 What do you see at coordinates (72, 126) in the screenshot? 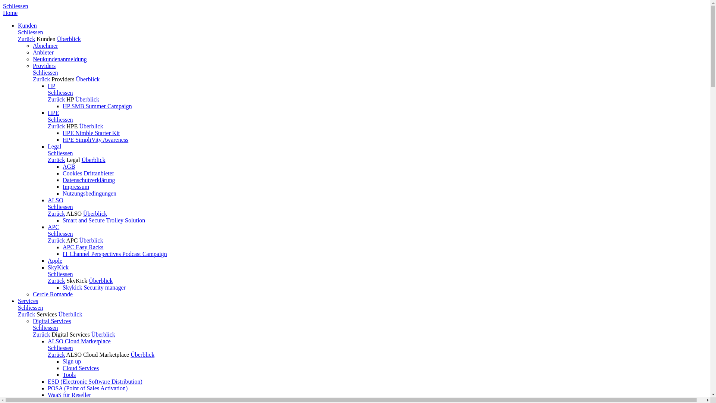
I see `'HPE'` at bounding box center [72, 126].